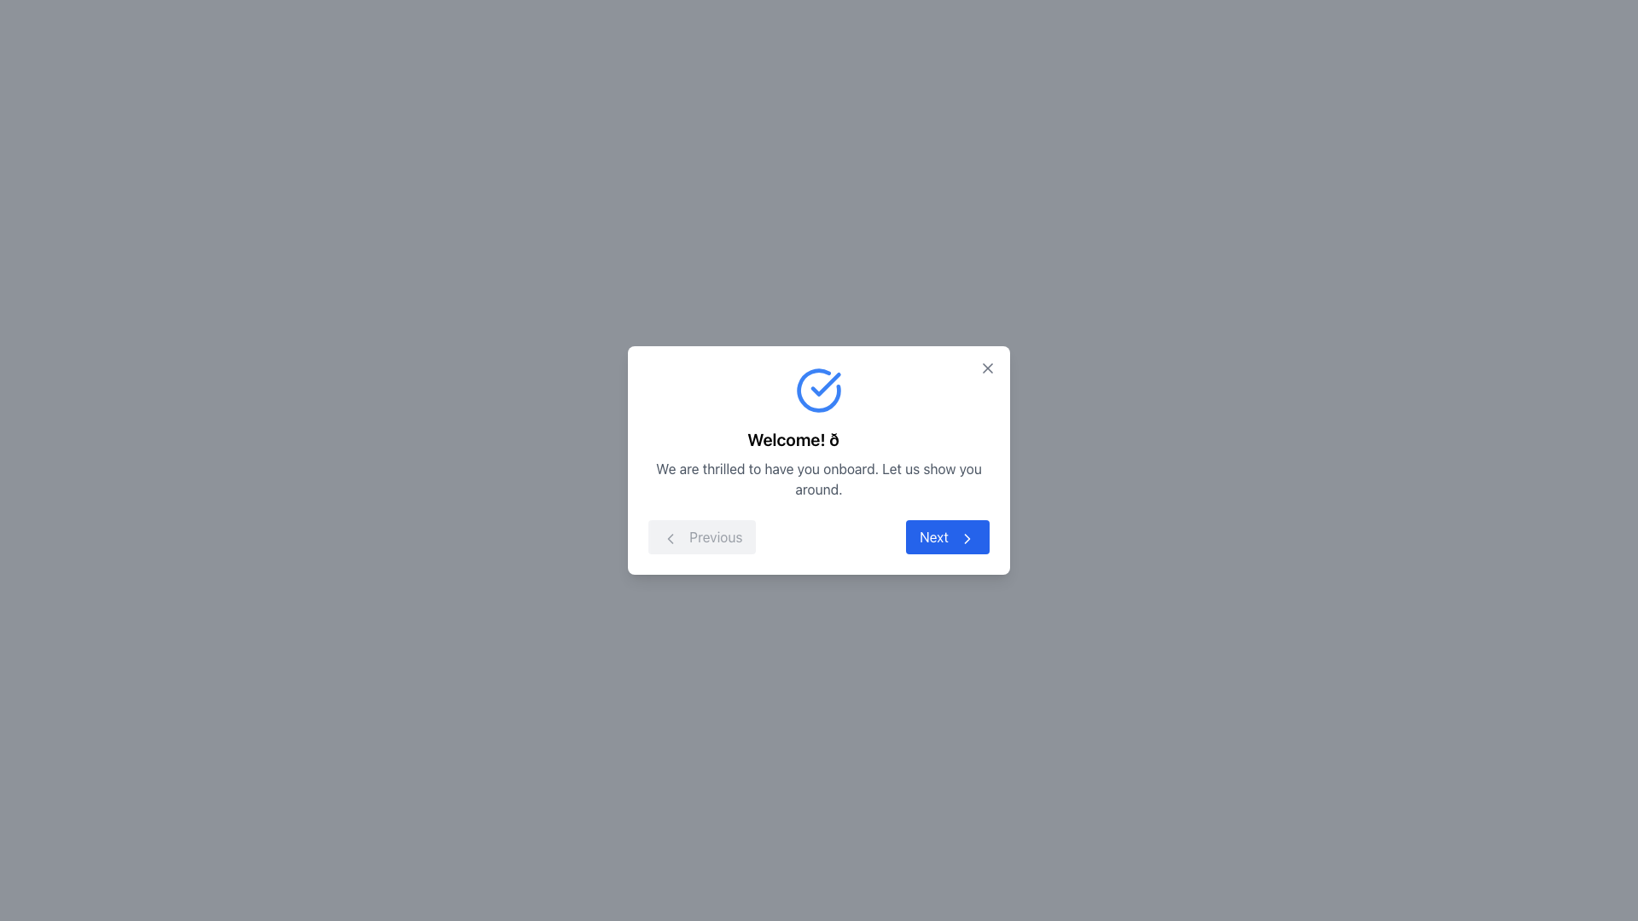 This screenshot has width=1638, height=921. Describe the element at coordinates (702, 536) in the screenshot. I see `the navigation button located at the bottom-left side of the modal, which allows users to move to the previous step or page` at that location.